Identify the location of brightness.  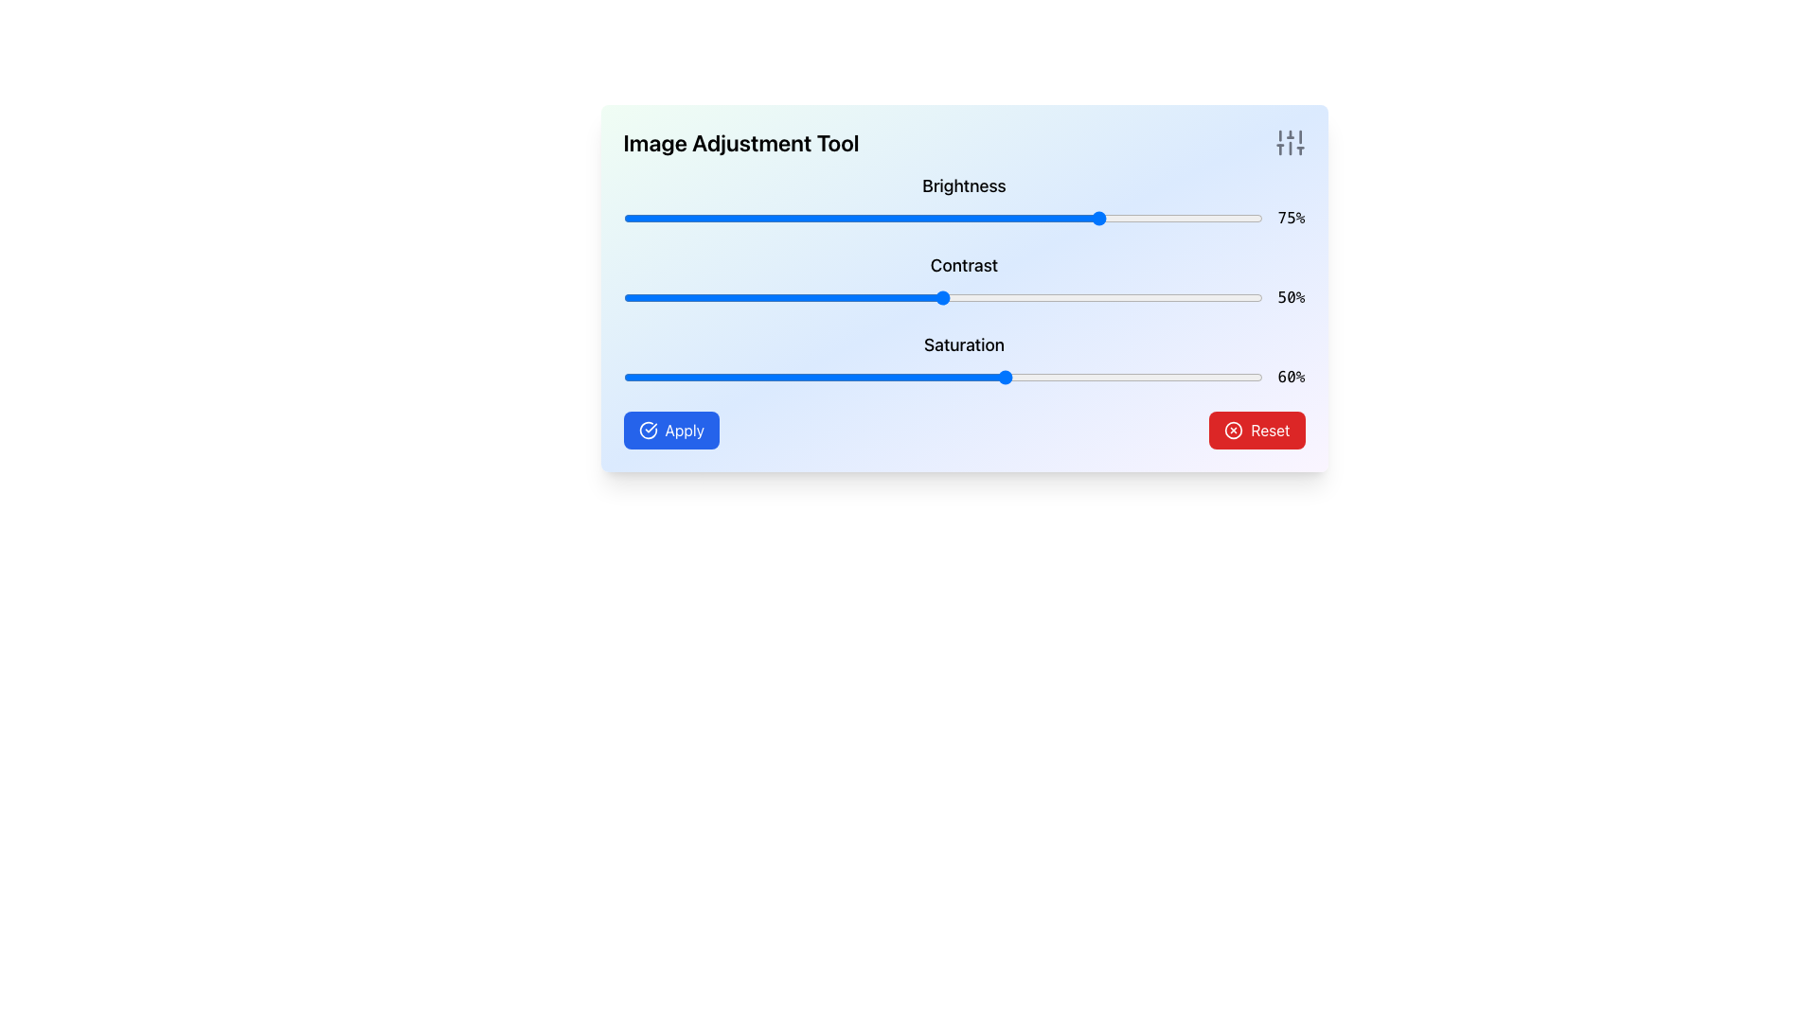
(763, 218).